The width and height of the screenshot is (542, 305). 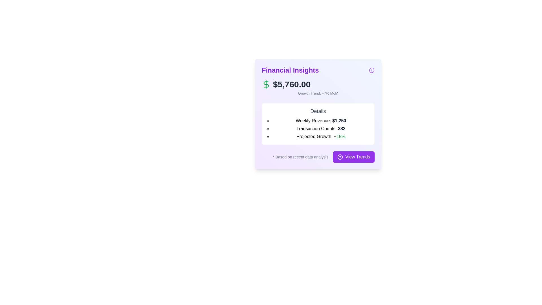 What do you see at coordinates (340, 157) in the screenshot?
I see `the circular icon with an upward-facing arrow that is located on the left side of the 'View Trends' button` at bounding box center [340, 157].